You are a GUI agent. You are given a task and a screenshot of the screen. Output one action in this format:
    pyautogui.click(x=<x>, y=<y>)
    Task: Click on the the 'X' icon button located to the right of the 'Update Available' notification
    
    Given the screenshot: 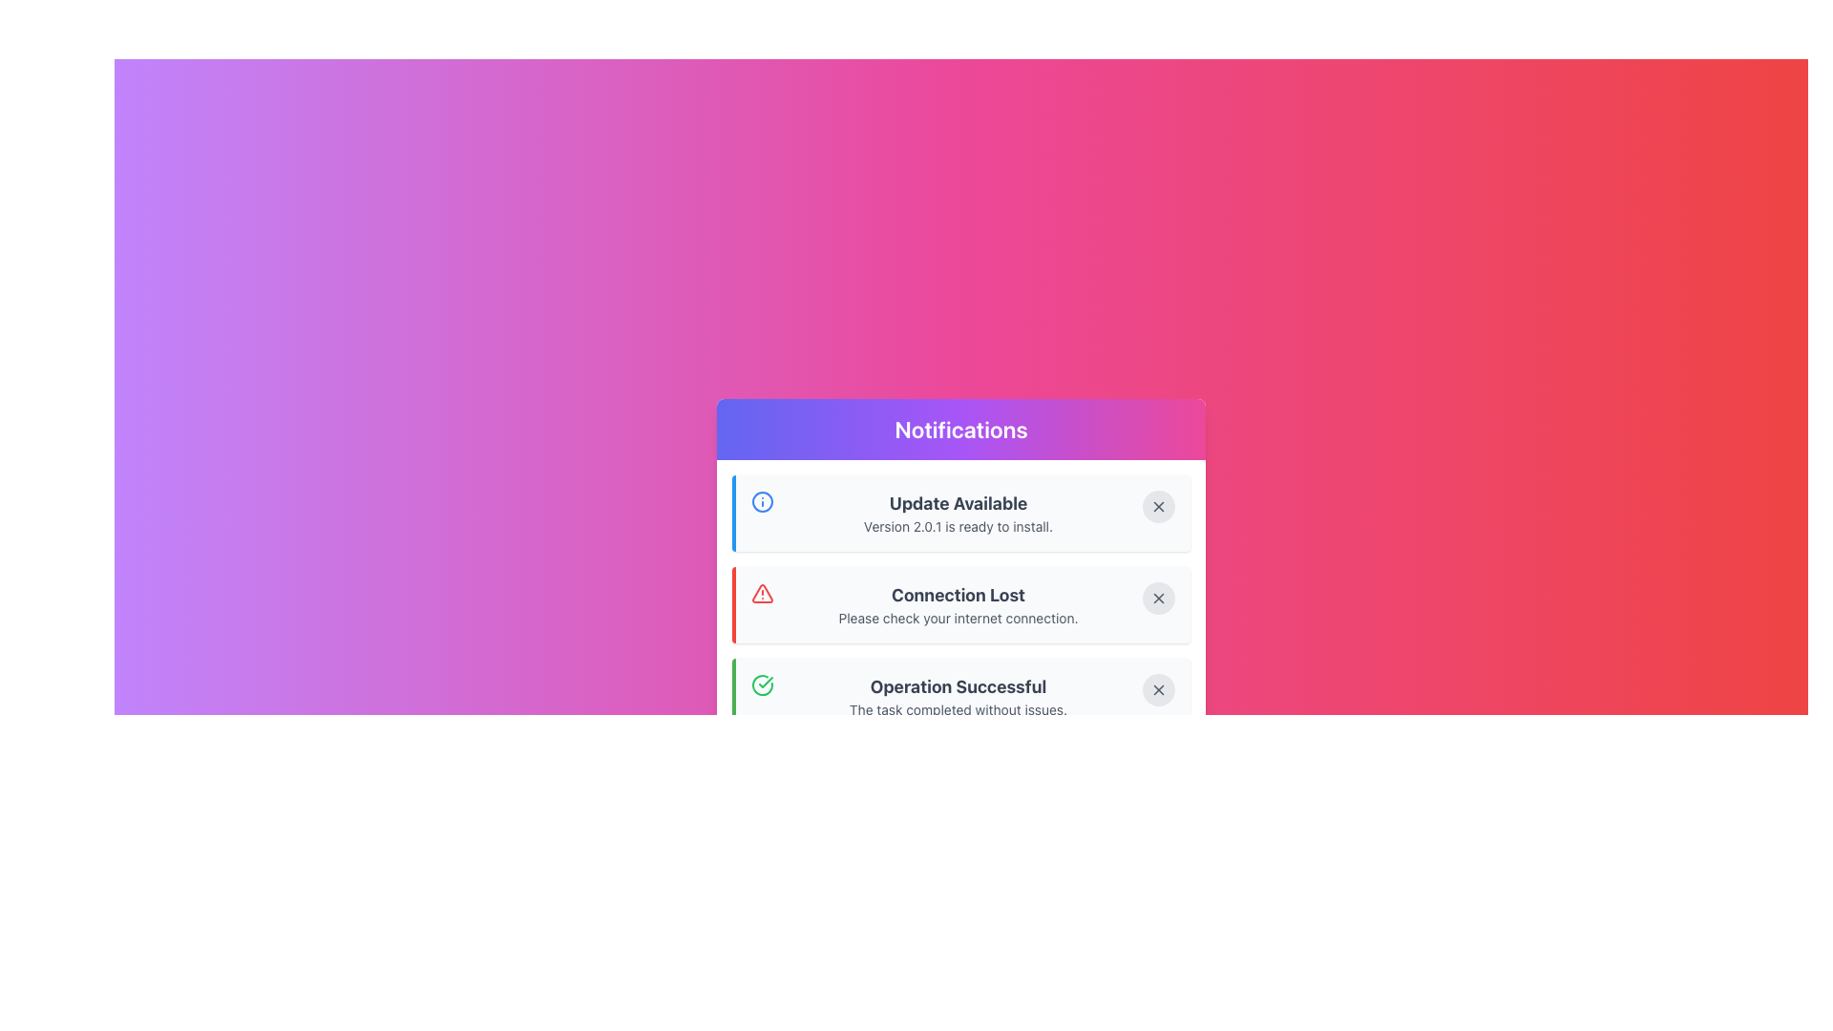 What is the action you would take?
    pyautogui.click(x=1158, y=506)
    